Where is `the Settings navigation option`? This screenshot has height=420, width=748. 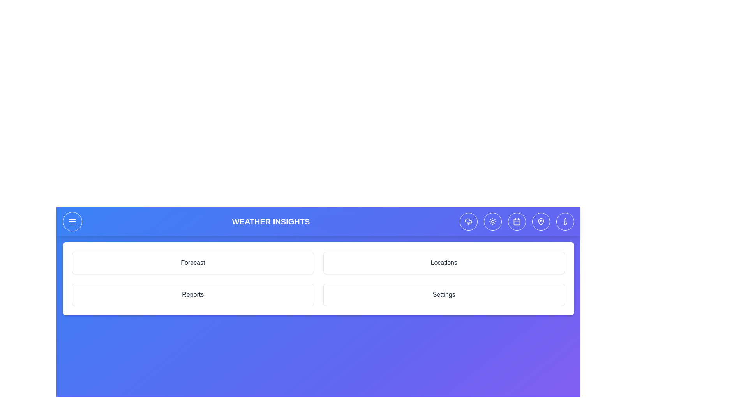 the Settings navigation option is located at coordinates (444, 295).